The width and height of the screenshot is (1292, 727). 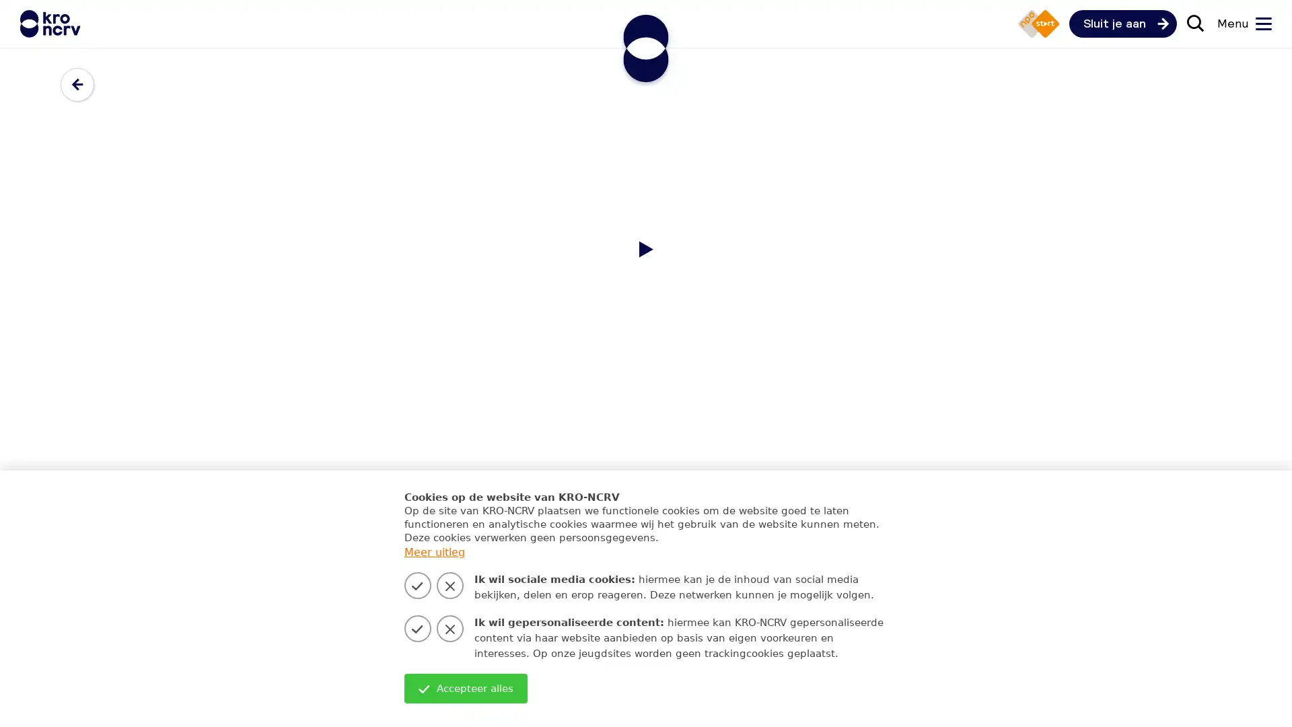 What do you see at coordinates (823, 200) in the screenshot?
I see `Zoeken` at bounding box center [823, 200].